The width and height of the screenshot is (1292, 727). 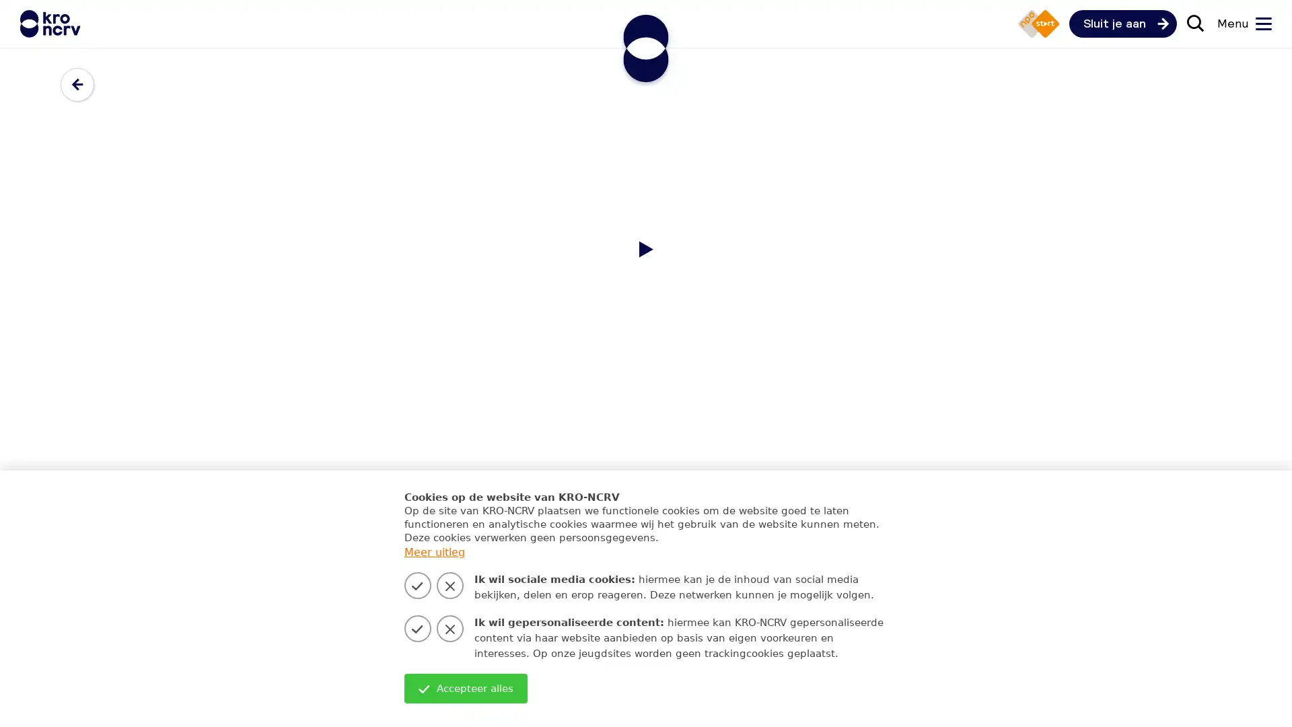 What do you see at coordinates (823, 200) in the screenshot?
I see `Zoeken` at bounding box center [823, 200].